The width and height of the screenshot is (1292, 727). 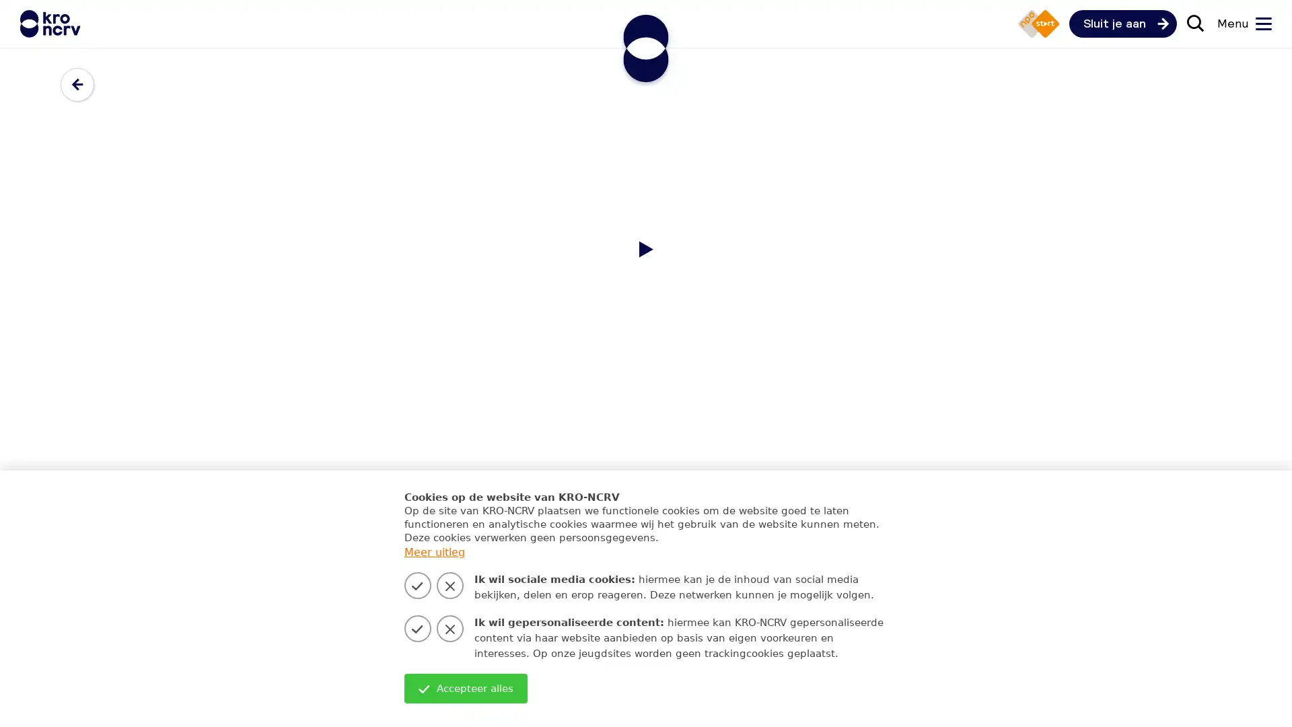 What do you see at coordinates (823, 200) in the screenshot?
I see `Zoeken` at bounding box center [823, 200].